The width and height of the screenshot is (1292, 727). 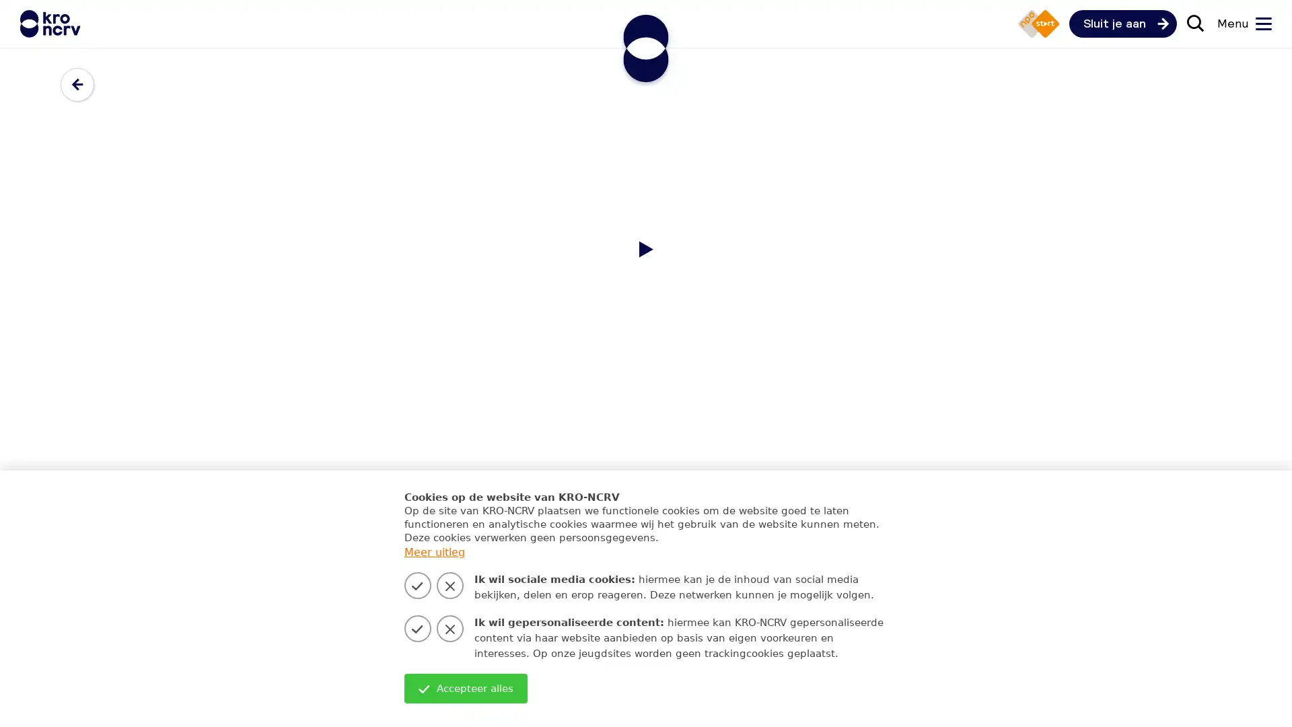 What do you see at coordinates (823, 200) in the screenshot?
I see `Zoeken` at bounding box center [823, 200].